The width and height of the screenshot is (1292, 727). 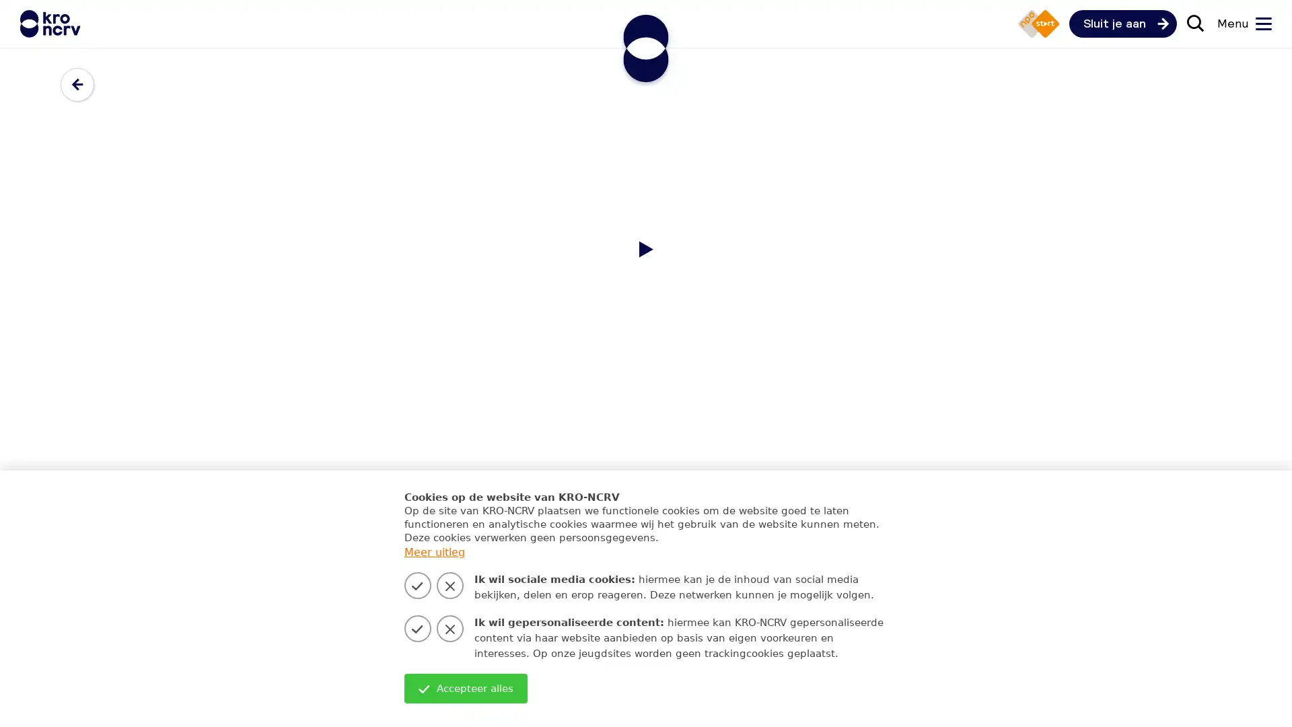 What do you see at coordinates (823, 200) in the screenshot?
I see `Zoeken` at bounding box center [823, 200].